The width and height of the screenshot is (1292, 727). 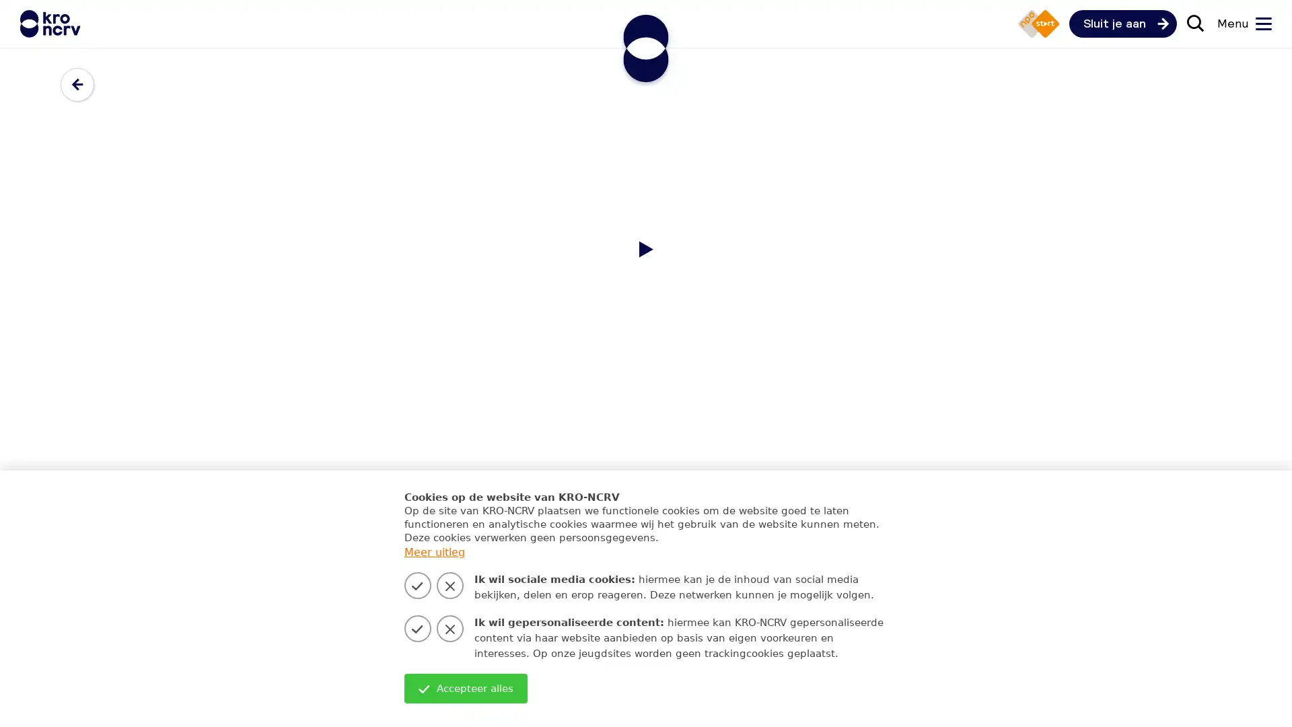 What do you see at coordinates (823, 200) in the screenshot?
I see `Zoeken` at bounding box center [823, 200].